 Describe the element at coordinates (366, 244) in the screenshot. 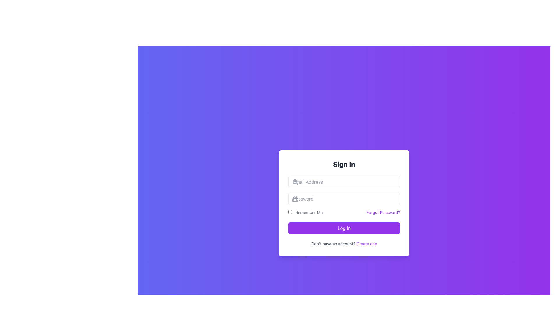

I see `the 'Create one' hyperlink located below the 'Log In' button in the sign-in form` at that location.